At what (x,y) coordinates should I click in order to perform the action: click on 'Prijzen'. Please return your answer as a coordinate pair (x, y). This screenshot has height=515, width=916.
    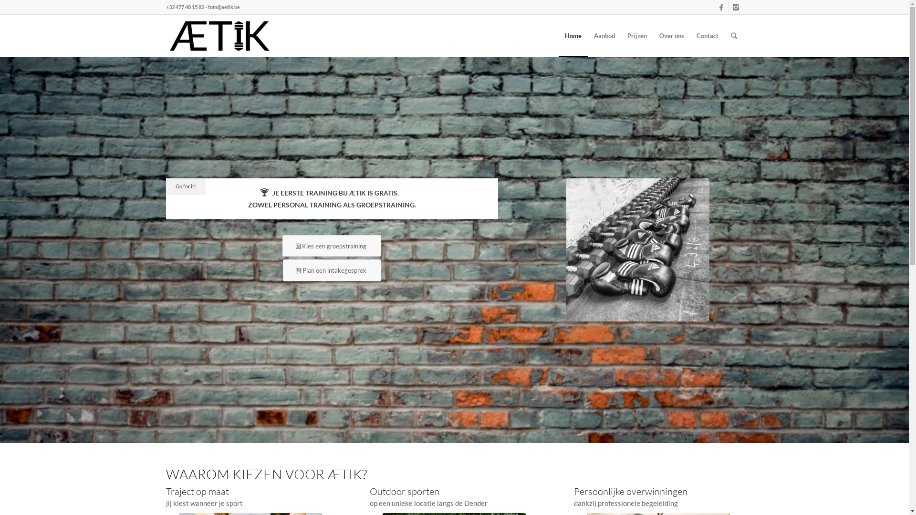
    Looking at the image, I should click on (621, 35).